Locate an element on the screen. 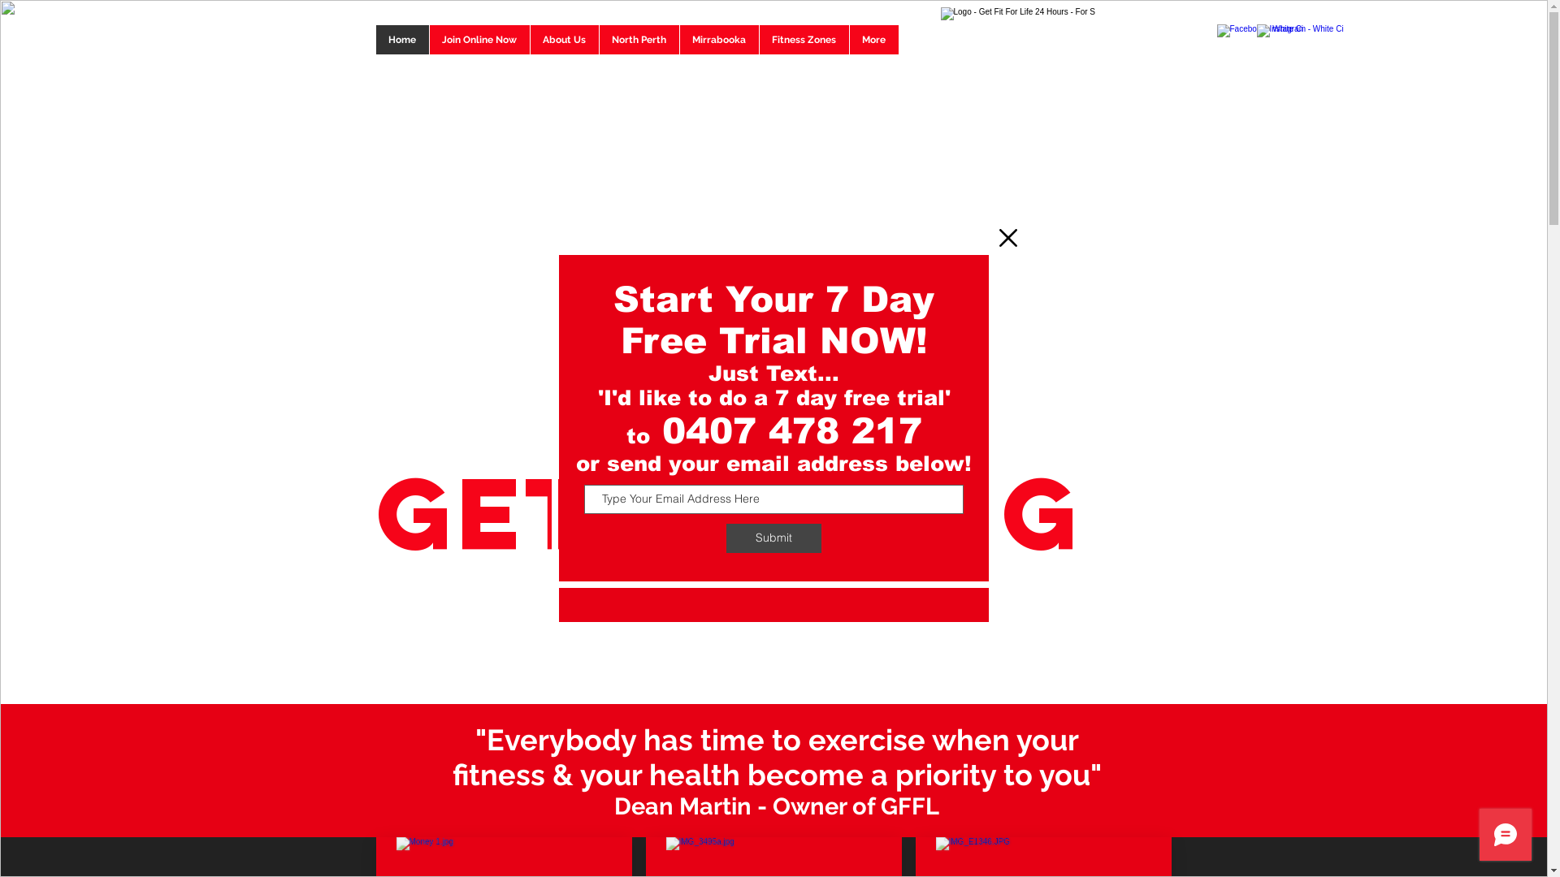 The image size is (1560, 877). 'North Perth' is located at coordinates (637, 39).